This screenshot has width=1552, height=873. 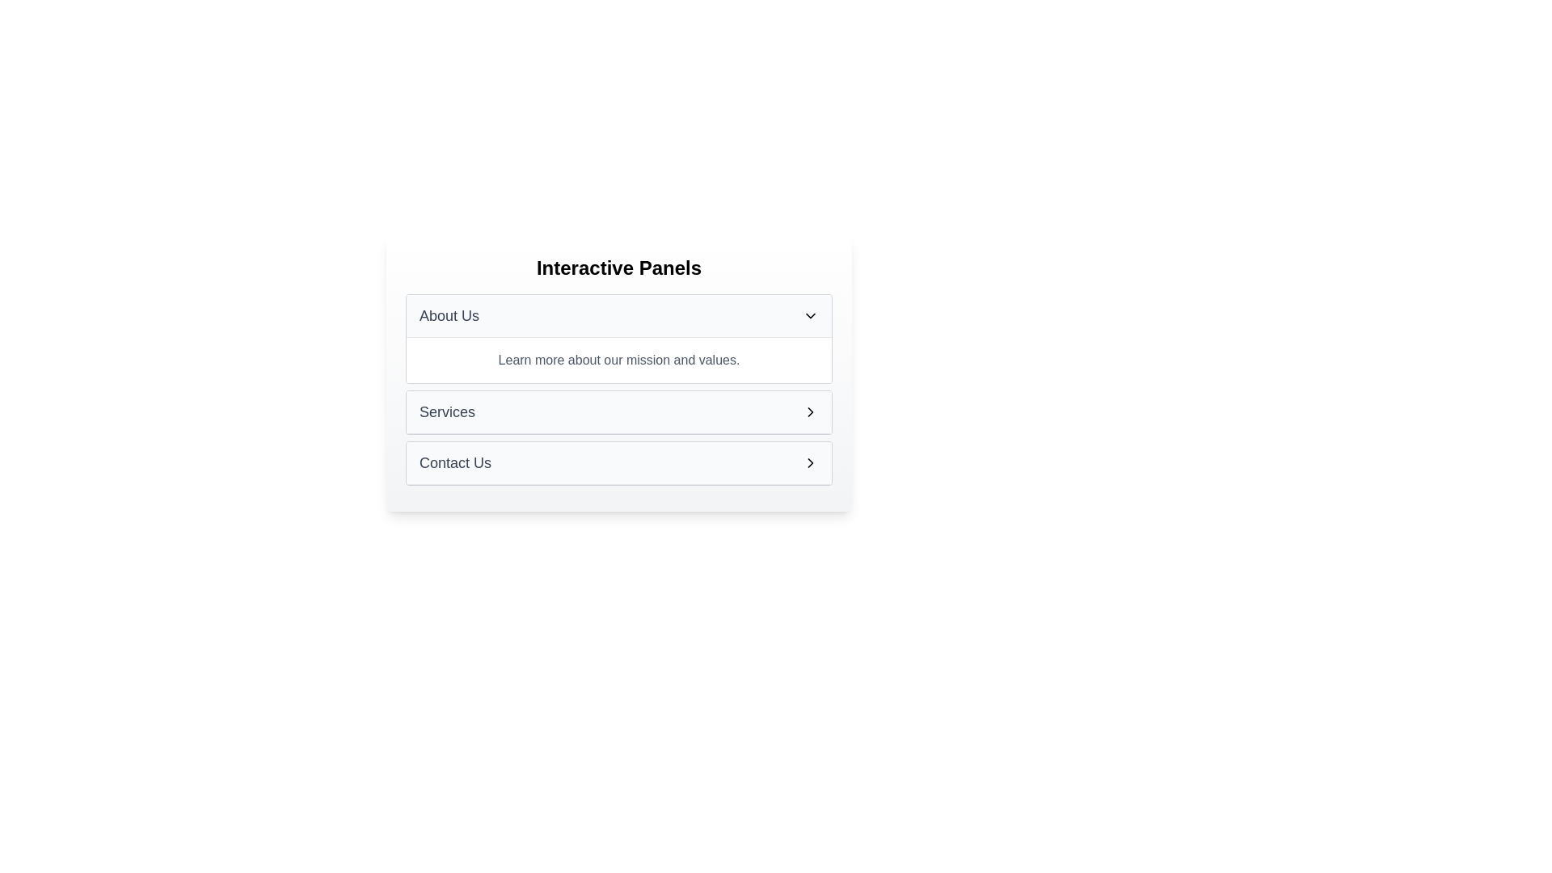 I want to click on the informative text label describing the purpose of the 'About Us' panel, which is positioned beneath the 'About Us' title, so click(x=618, y=360).